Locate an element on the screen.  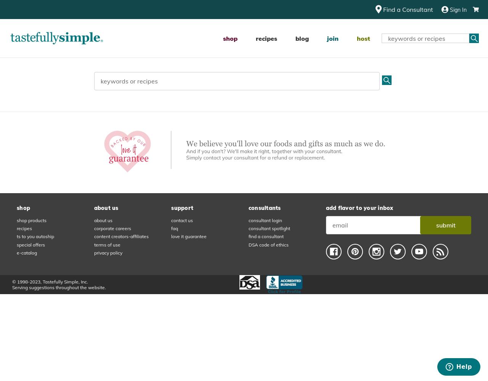
'DSA code of ethics' is located at coordinates (268, 244).